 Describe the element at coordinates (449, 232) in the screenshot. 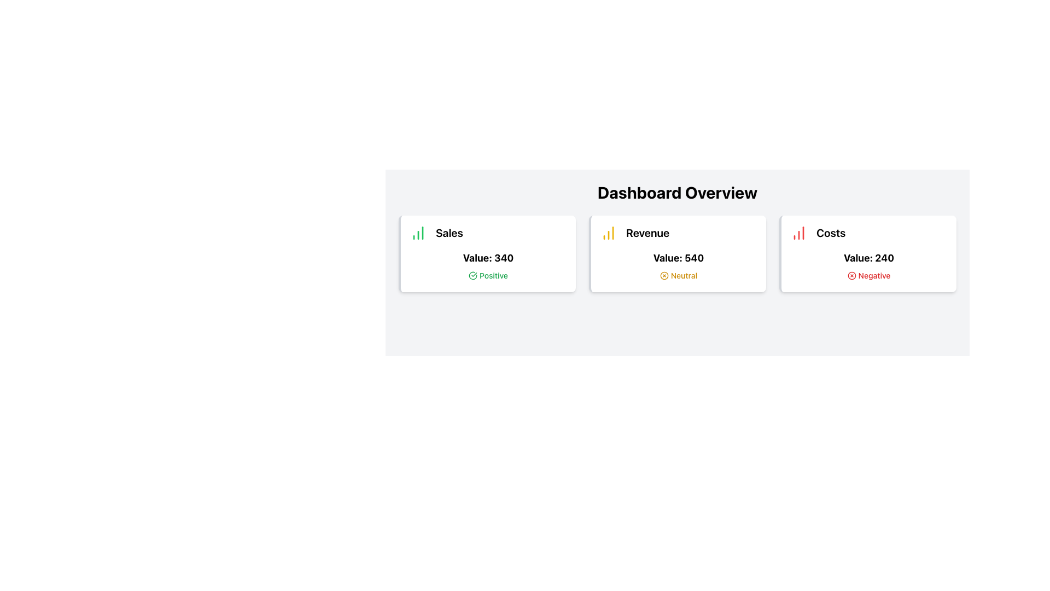

I see `the Text Label that identifies the content of the sales metrics card, located near the top-left corner of the first card in the dashboard overview` at that location.